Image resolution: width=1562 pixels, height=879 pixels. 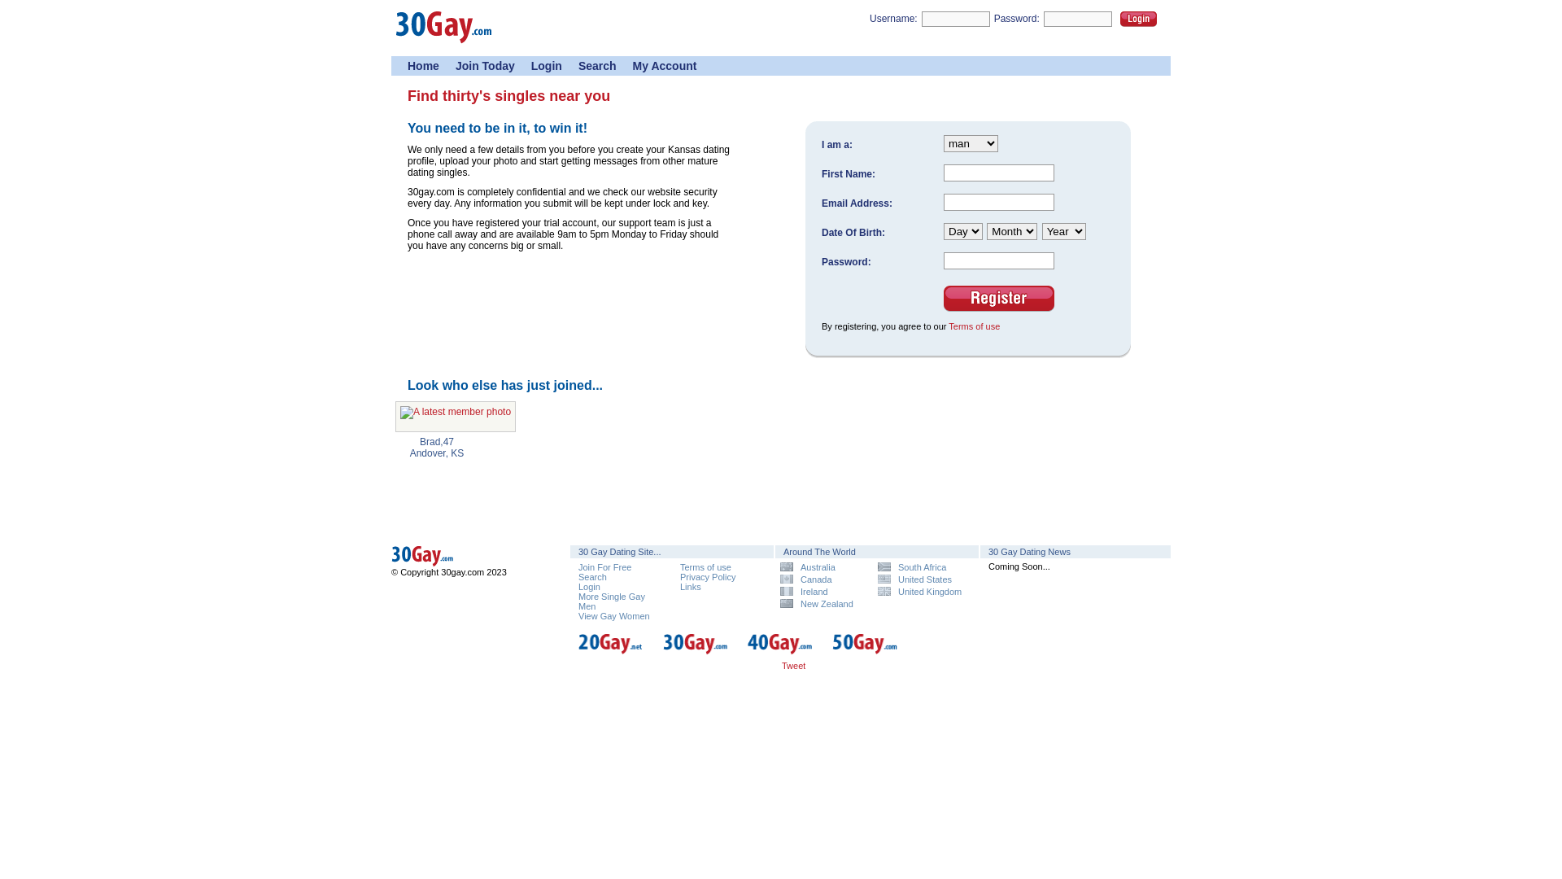 I want to click on 'United States', so click(x=920, y=578).